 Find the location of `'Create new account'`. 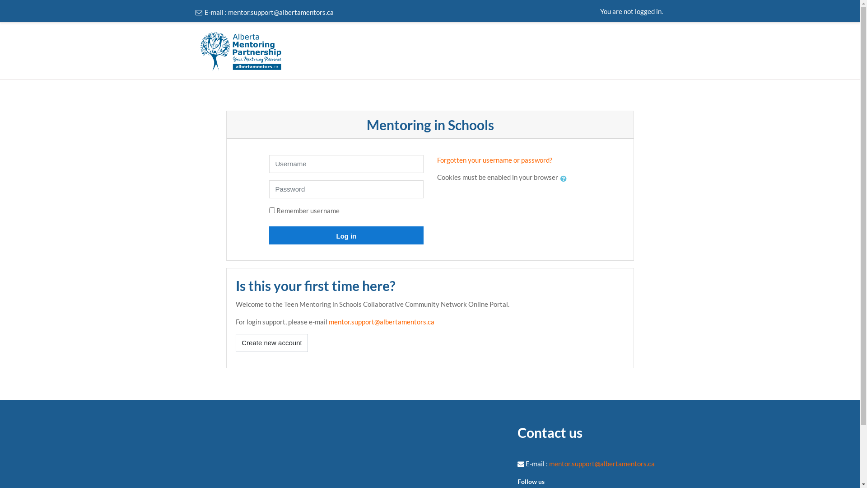

'Create new account' is located at coordinates (236, 343).